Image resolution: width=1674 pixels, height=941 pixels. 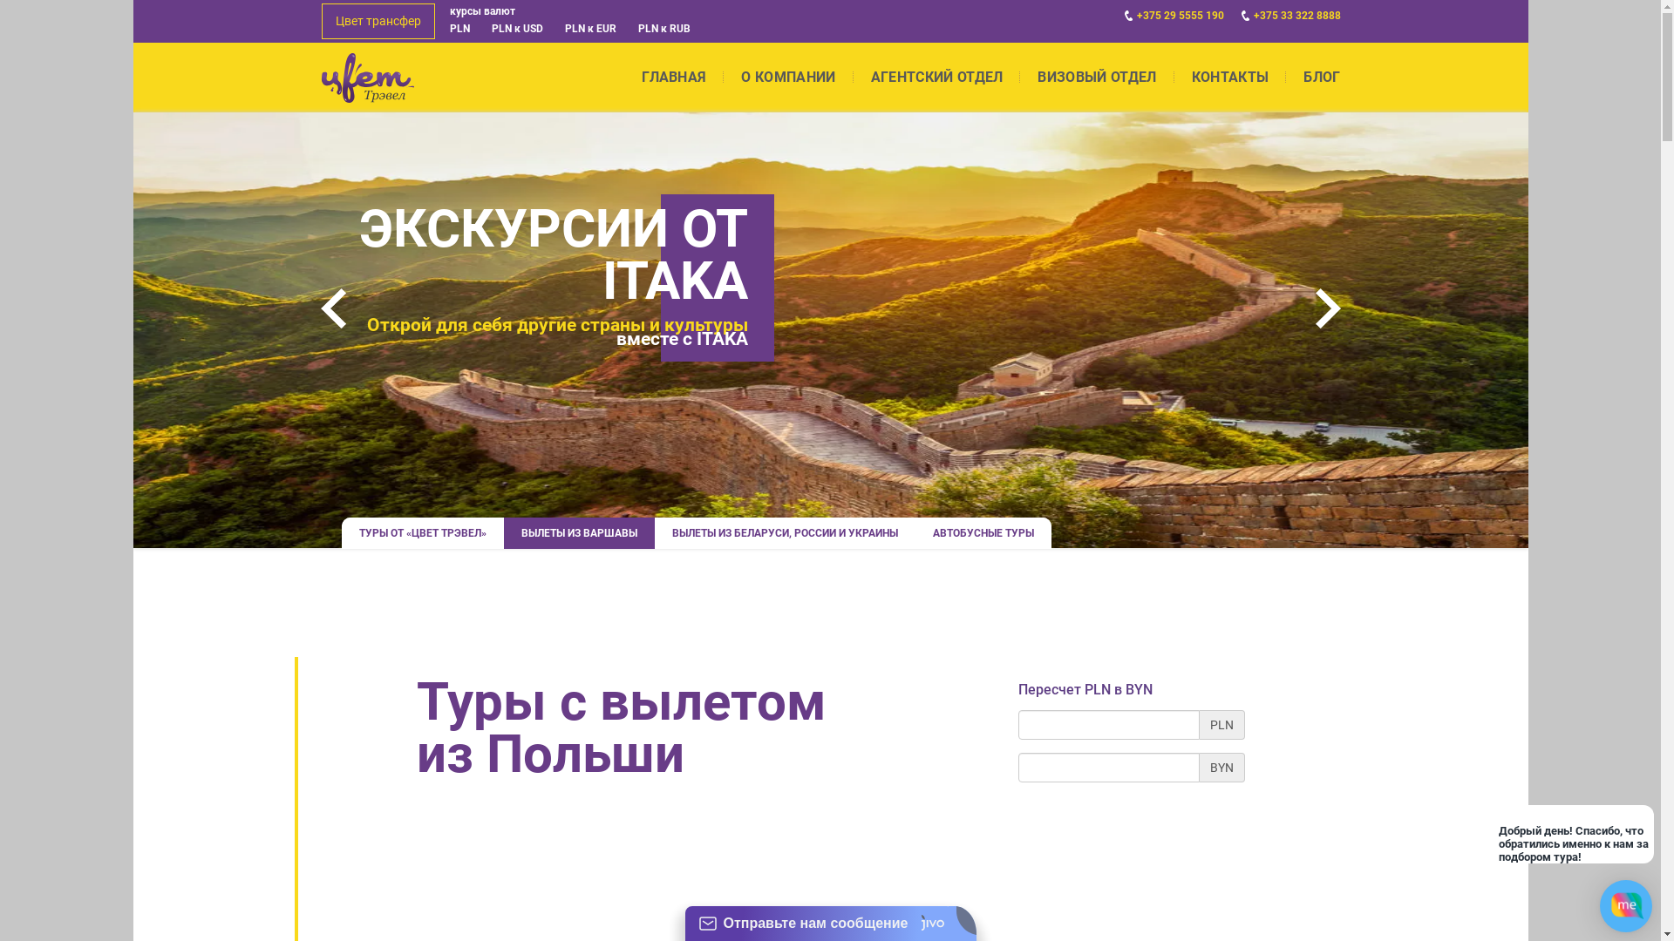 What do you see at coordinates (1232, 16) in the screenshot?
I see `'+375 33 322 8888'` at bounding box center [1232, 16].